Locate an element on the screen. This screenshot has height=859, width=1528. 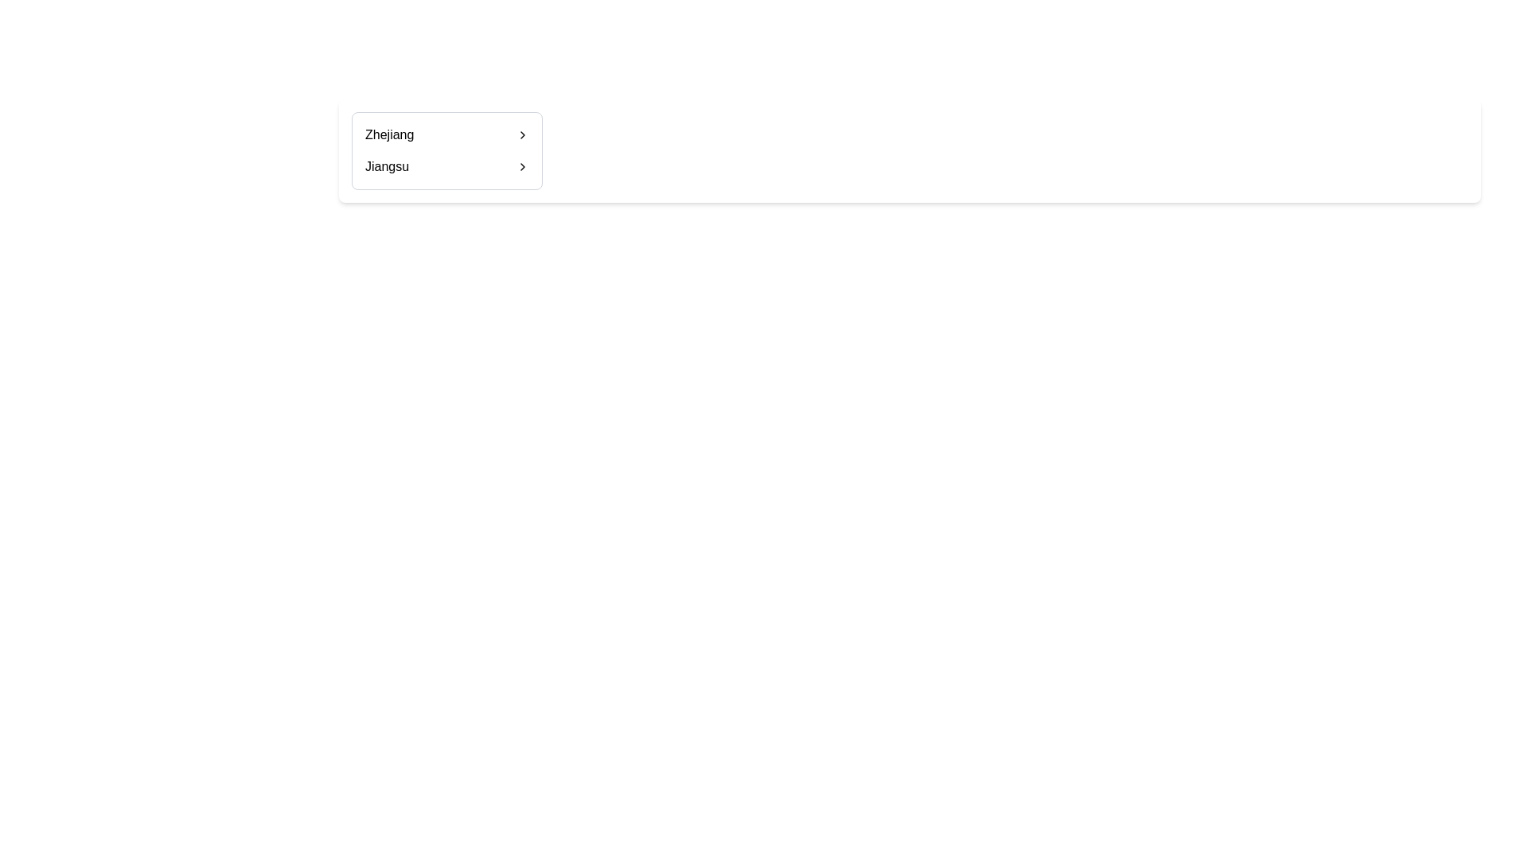
the first interactive list item option labeled 'Zhejiang' to activate visual feedback is located at coordinates (446, 134).